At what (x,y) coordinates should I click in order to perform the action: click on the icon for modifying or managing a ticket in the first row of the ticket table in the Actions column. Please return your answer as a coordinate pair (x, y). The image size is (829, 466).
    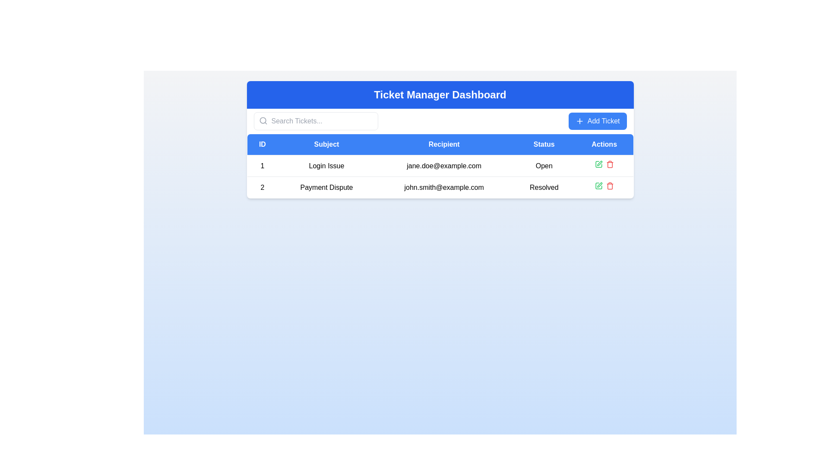
    Looking at the image, I should click on (598, 186).